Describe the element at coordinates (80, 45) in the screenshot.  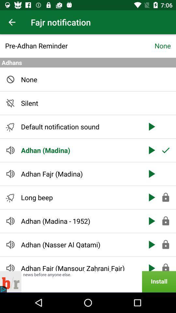
I see `item next to none icon` at that location.